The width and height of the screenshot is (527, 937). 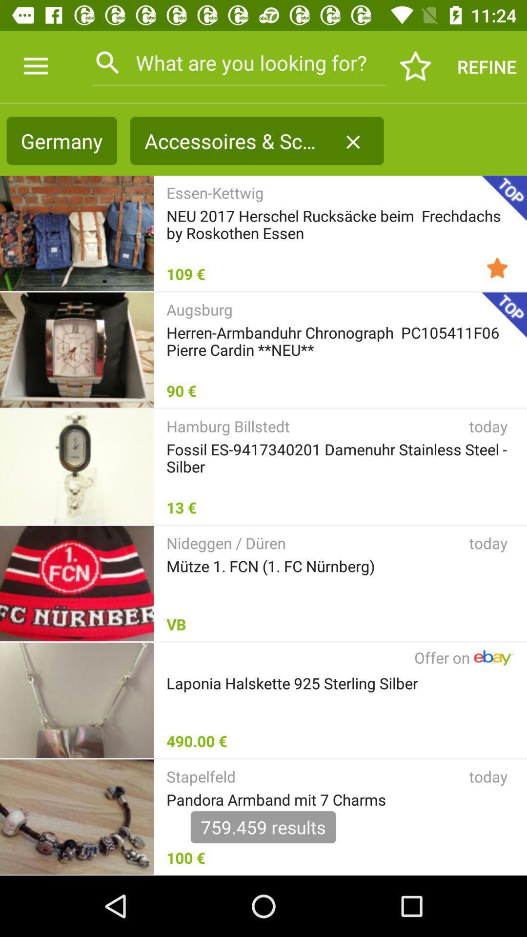 What do you see at coordinates (416, 66) in the screenshot?
I see `item next to the what are you icon` at bounding box center [416, 66].